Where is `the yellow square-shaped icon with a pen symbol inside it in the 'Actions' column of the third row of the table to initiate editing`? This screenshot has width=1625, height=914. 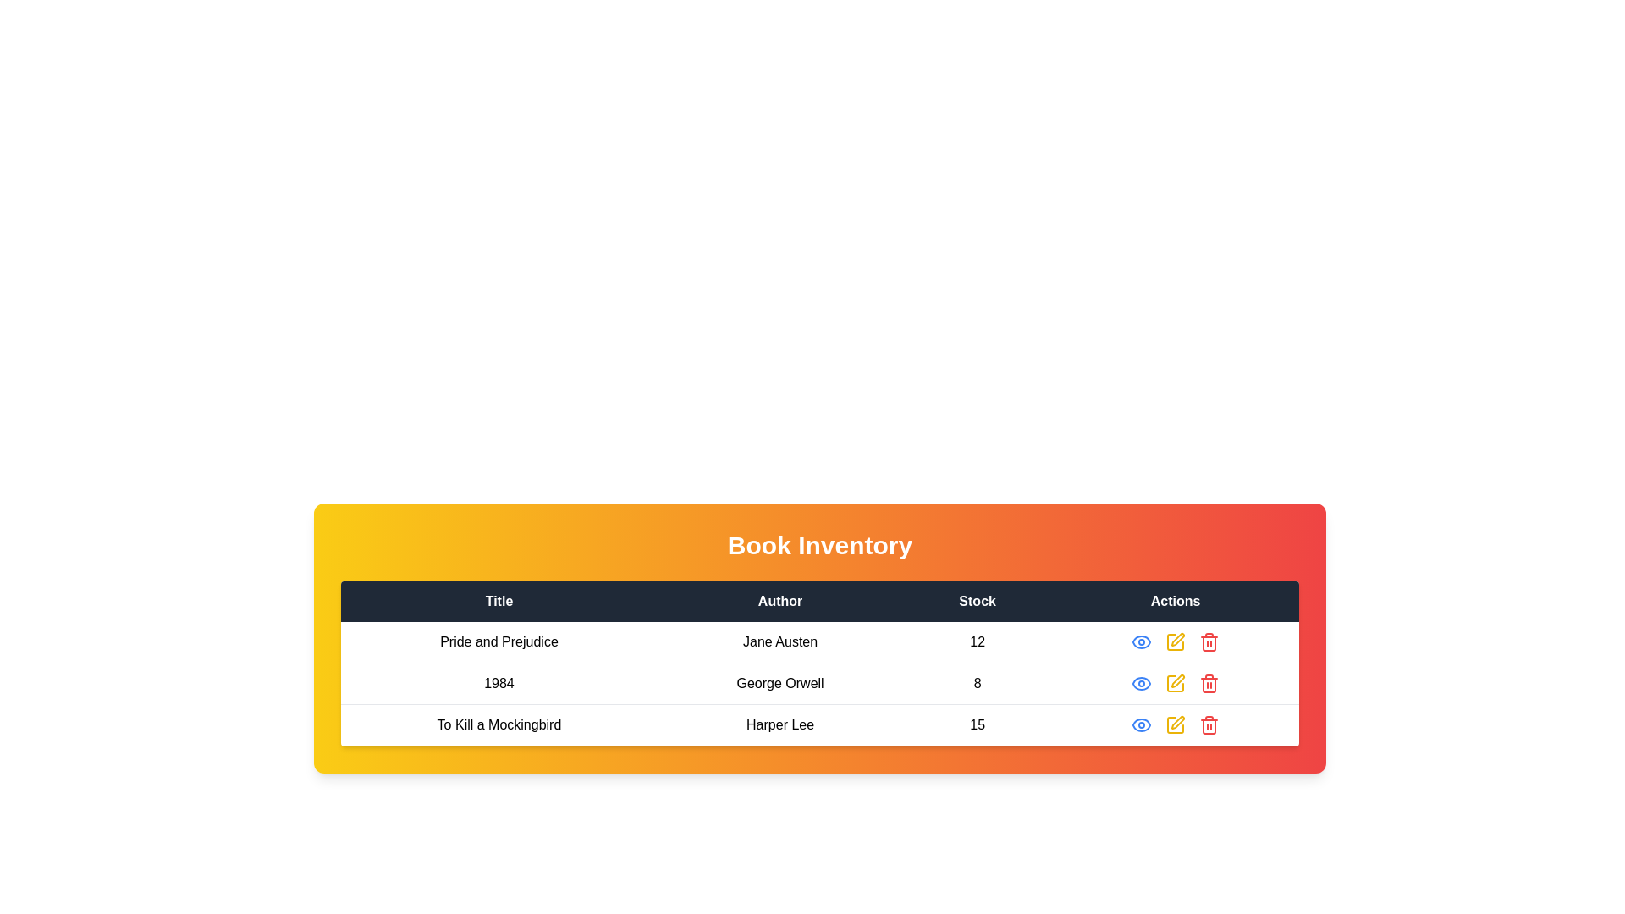
the yellow square-shaped icon with a pen symbol inside it in the 'Actions' column of the third row of the table to initiate editing is located at coordinates (1175, 724).